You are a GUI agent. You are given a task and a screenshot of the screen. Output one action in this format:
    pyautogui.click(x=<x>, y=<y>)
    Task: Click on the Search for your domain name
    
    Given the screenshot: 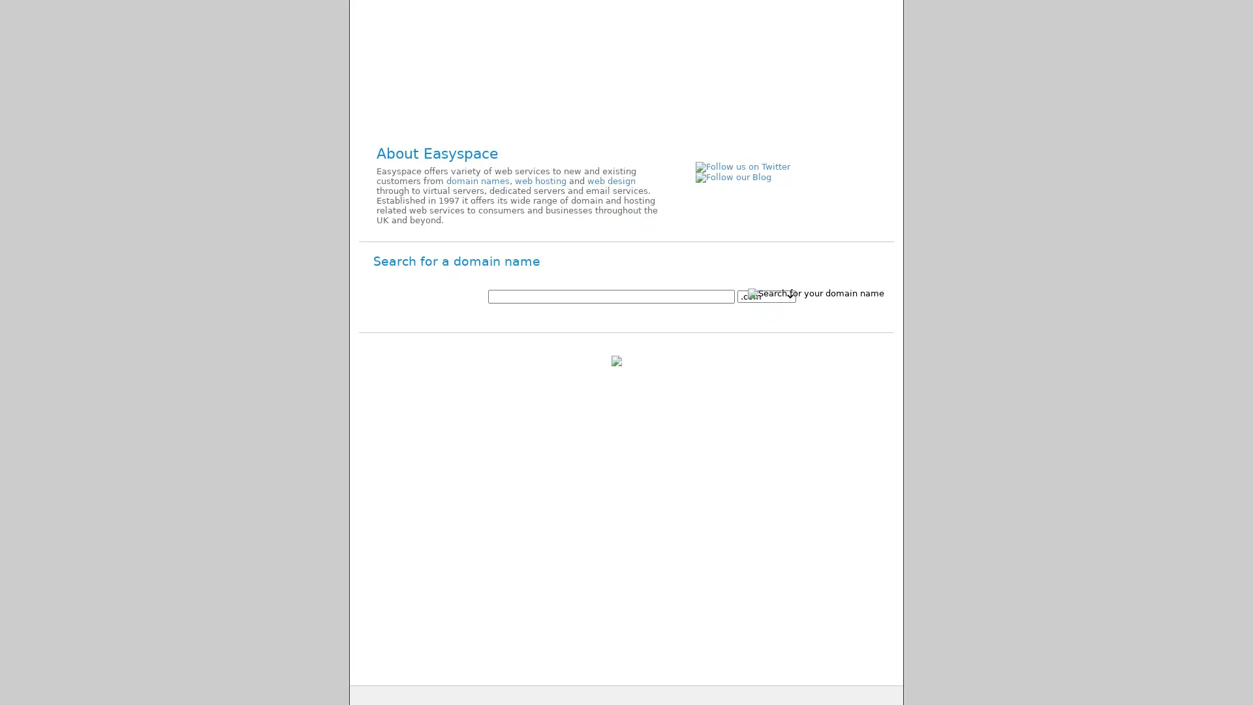 What is the action you would take?
    pyautogui.click(x=815, y=292)
    